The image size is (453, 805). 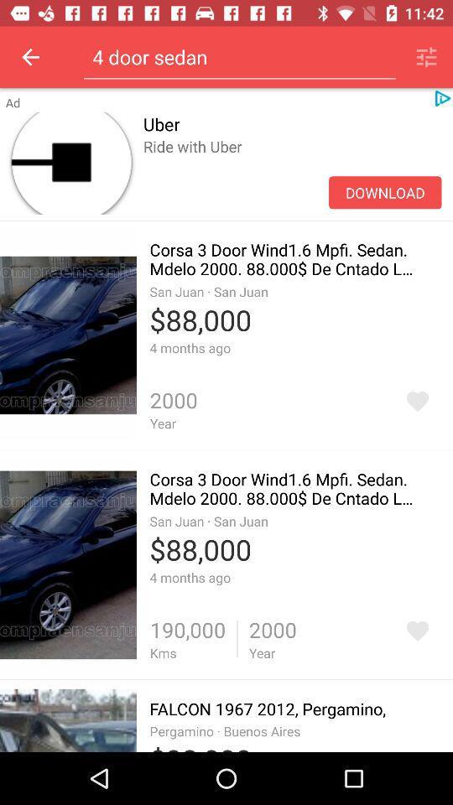 I want to click on go back, so click(x=30, y=57).